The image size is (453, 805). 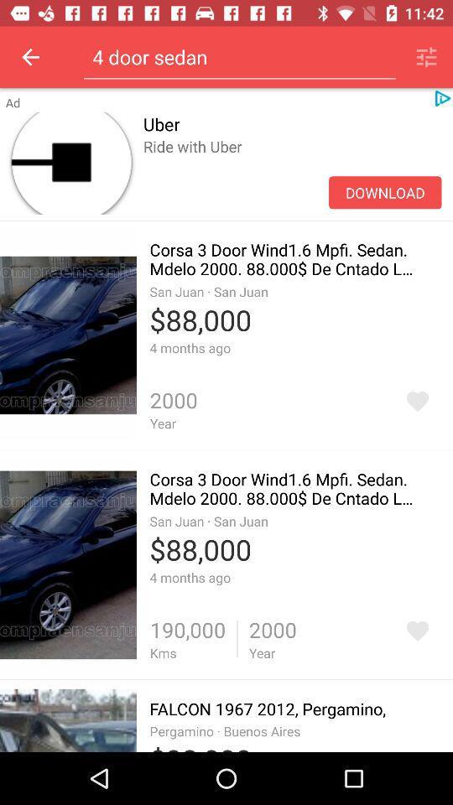 I want to click on go back, so click(x=30, y=57).